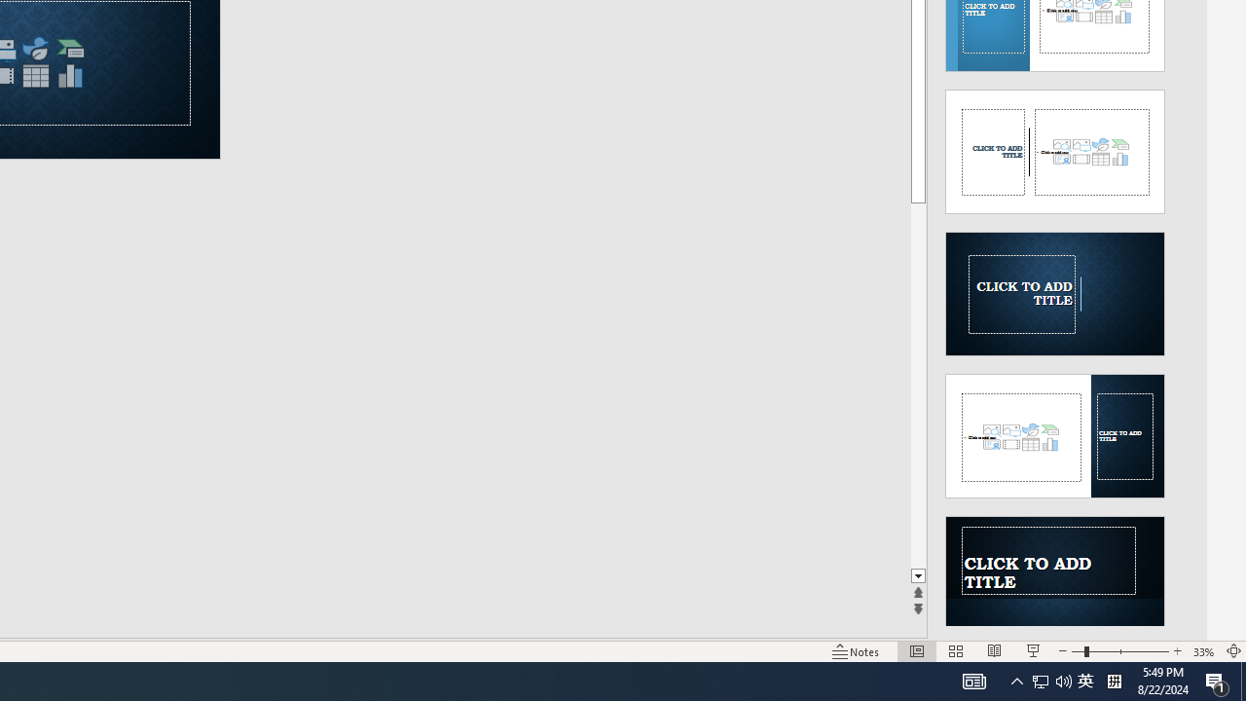 This screenshot has width=1246, height=701. What do you see at coordinates (1203, 651) in the screenshot?
I see `'Zoom 33%'` at bounding box center [1203, 651].